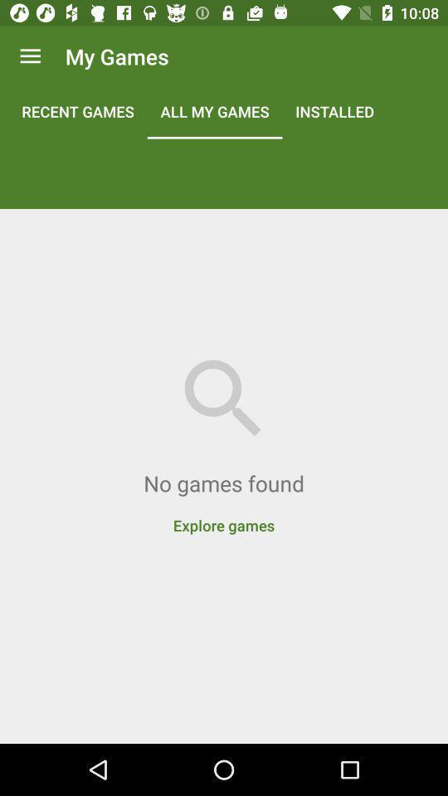  I want to click on item above the recent games item, so click(30, 56).